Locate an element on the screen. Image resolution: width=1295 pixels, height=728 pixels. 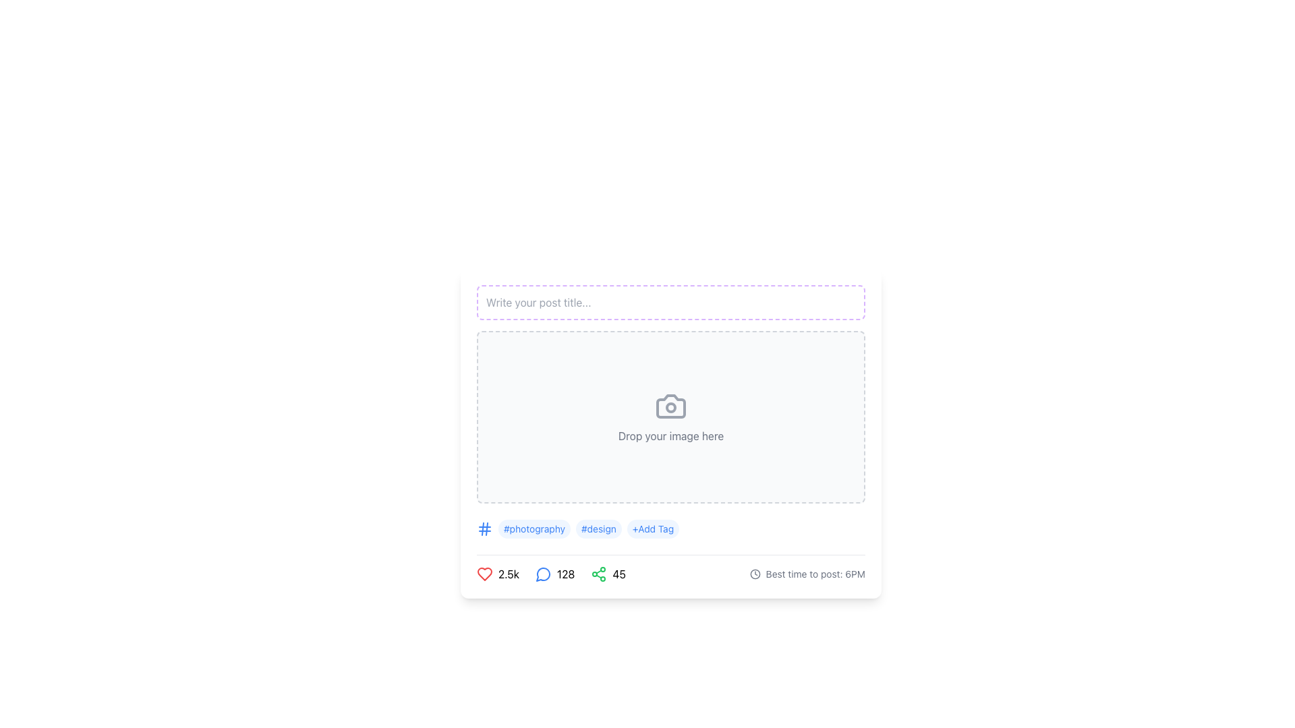
the heart-shaped icon located at the bottom-left corner of the post card to like or unlike the post is located at coordinates (485, 574).